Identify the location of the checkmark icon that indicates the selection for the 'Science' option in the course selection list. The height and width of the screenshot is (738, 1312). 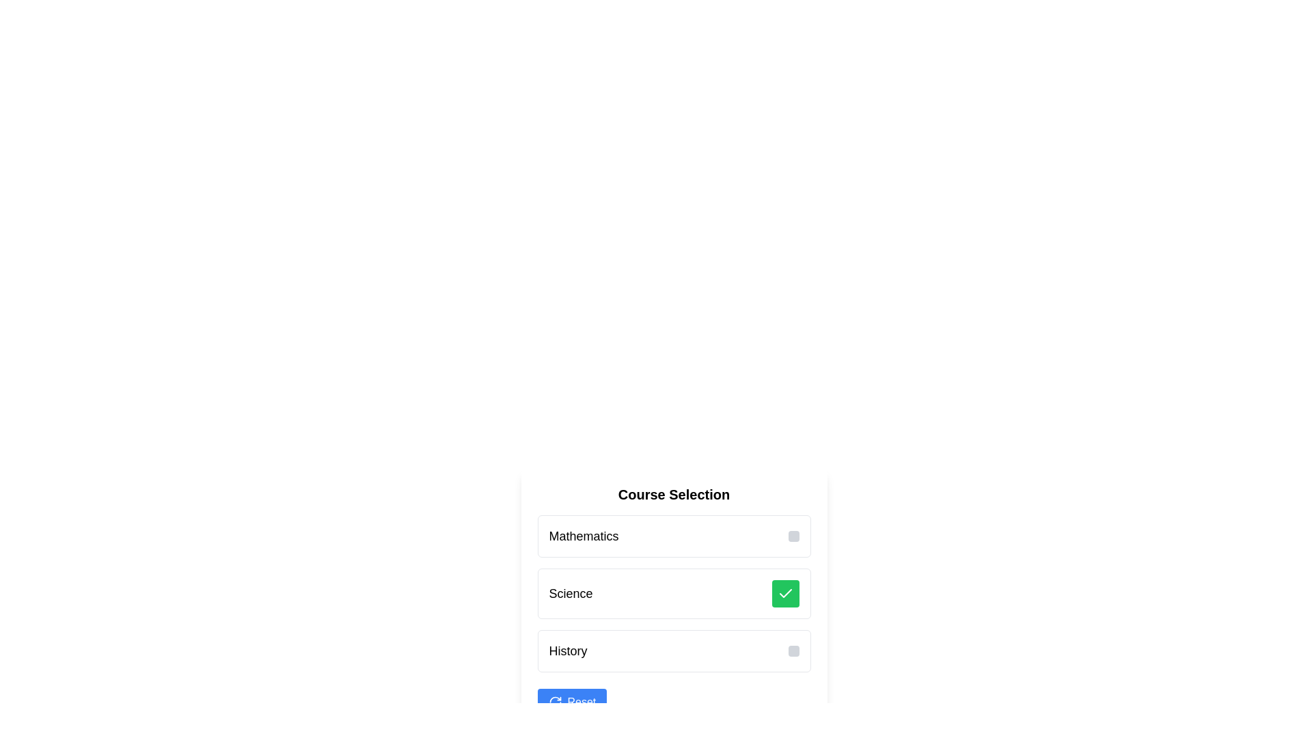
(785, 592).